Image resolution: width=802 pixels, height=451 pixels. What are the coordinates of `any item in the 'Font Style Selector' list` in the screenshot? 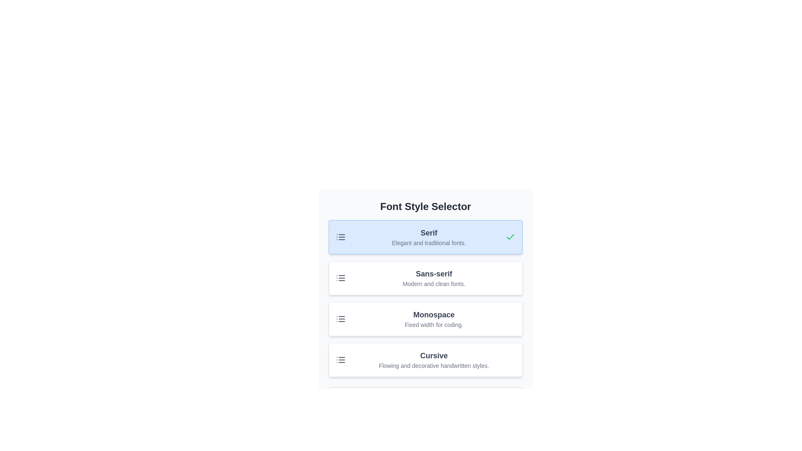 It's located at (425, 298).